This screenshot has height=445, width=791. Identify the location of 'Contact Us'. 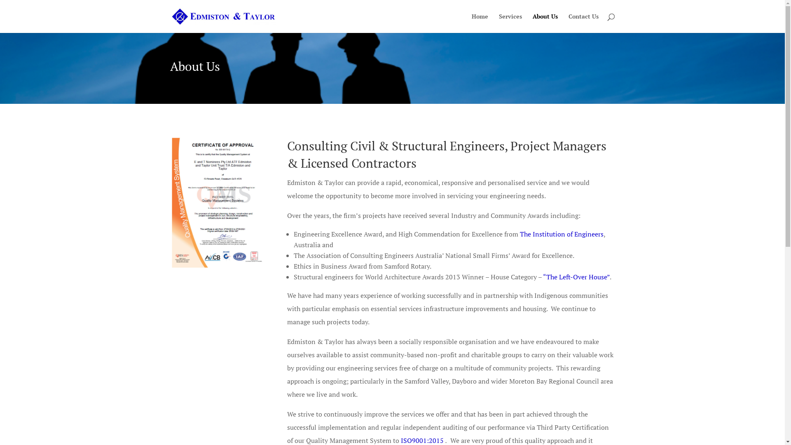
(568, 23).